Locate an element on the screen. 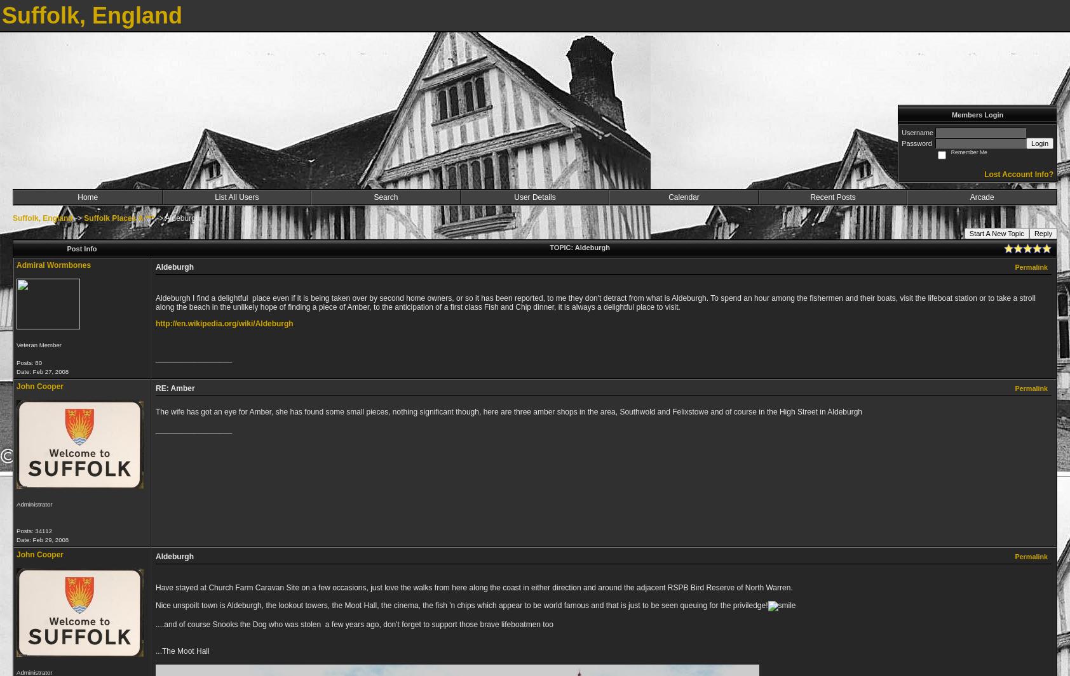 This screenshot has height=676, width=1070. 'Password' is located at coordinates (900, 142).